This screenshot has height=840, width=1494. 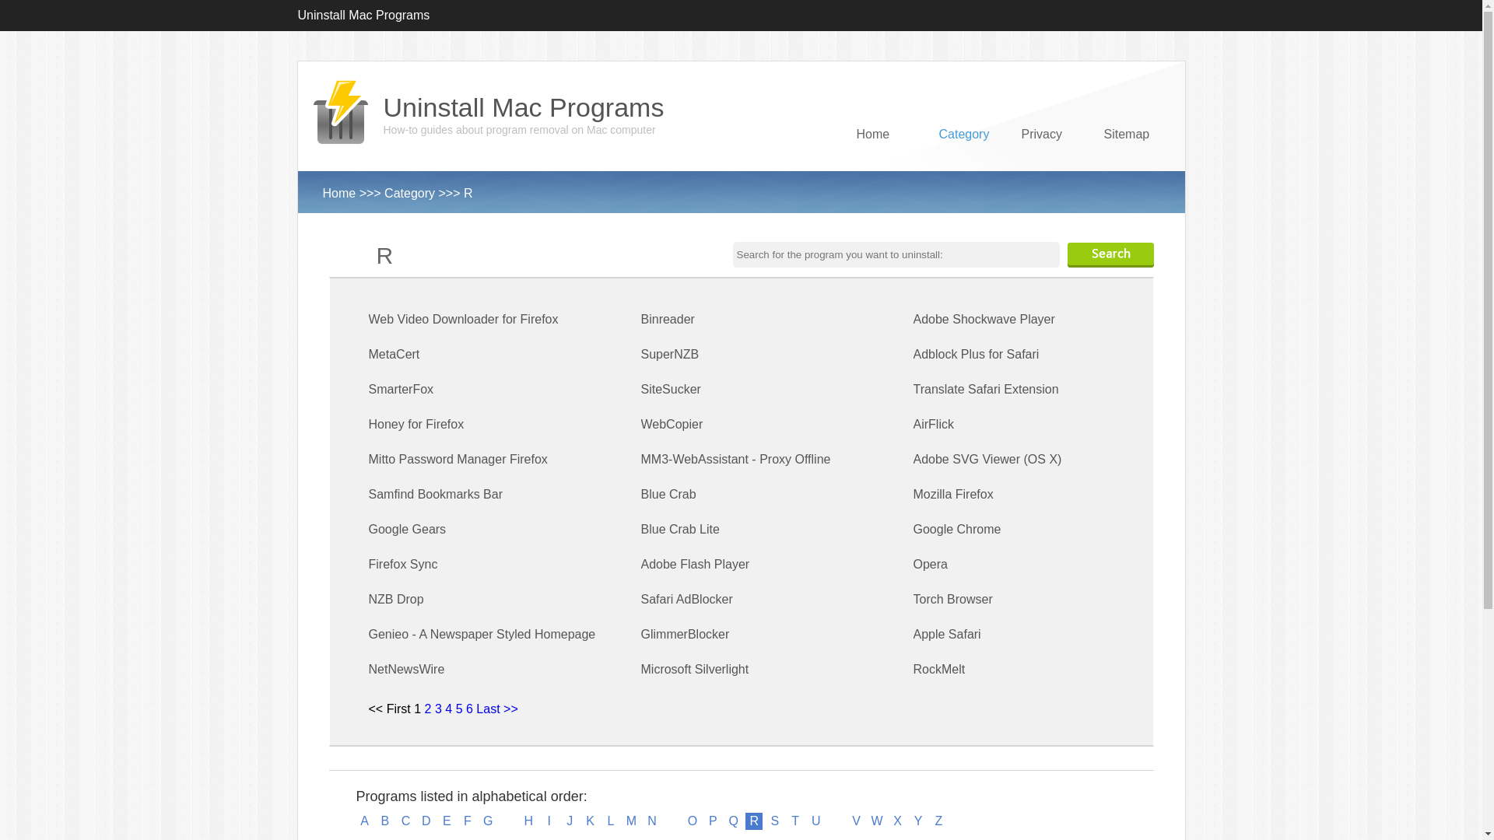 I want to click on 'NZB Drop', so click(x=396, y=598).